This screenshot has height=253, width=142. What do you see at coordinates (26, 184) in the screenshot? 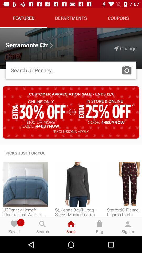
I see `the image below picks just for you` at bounding box center [26, 184].